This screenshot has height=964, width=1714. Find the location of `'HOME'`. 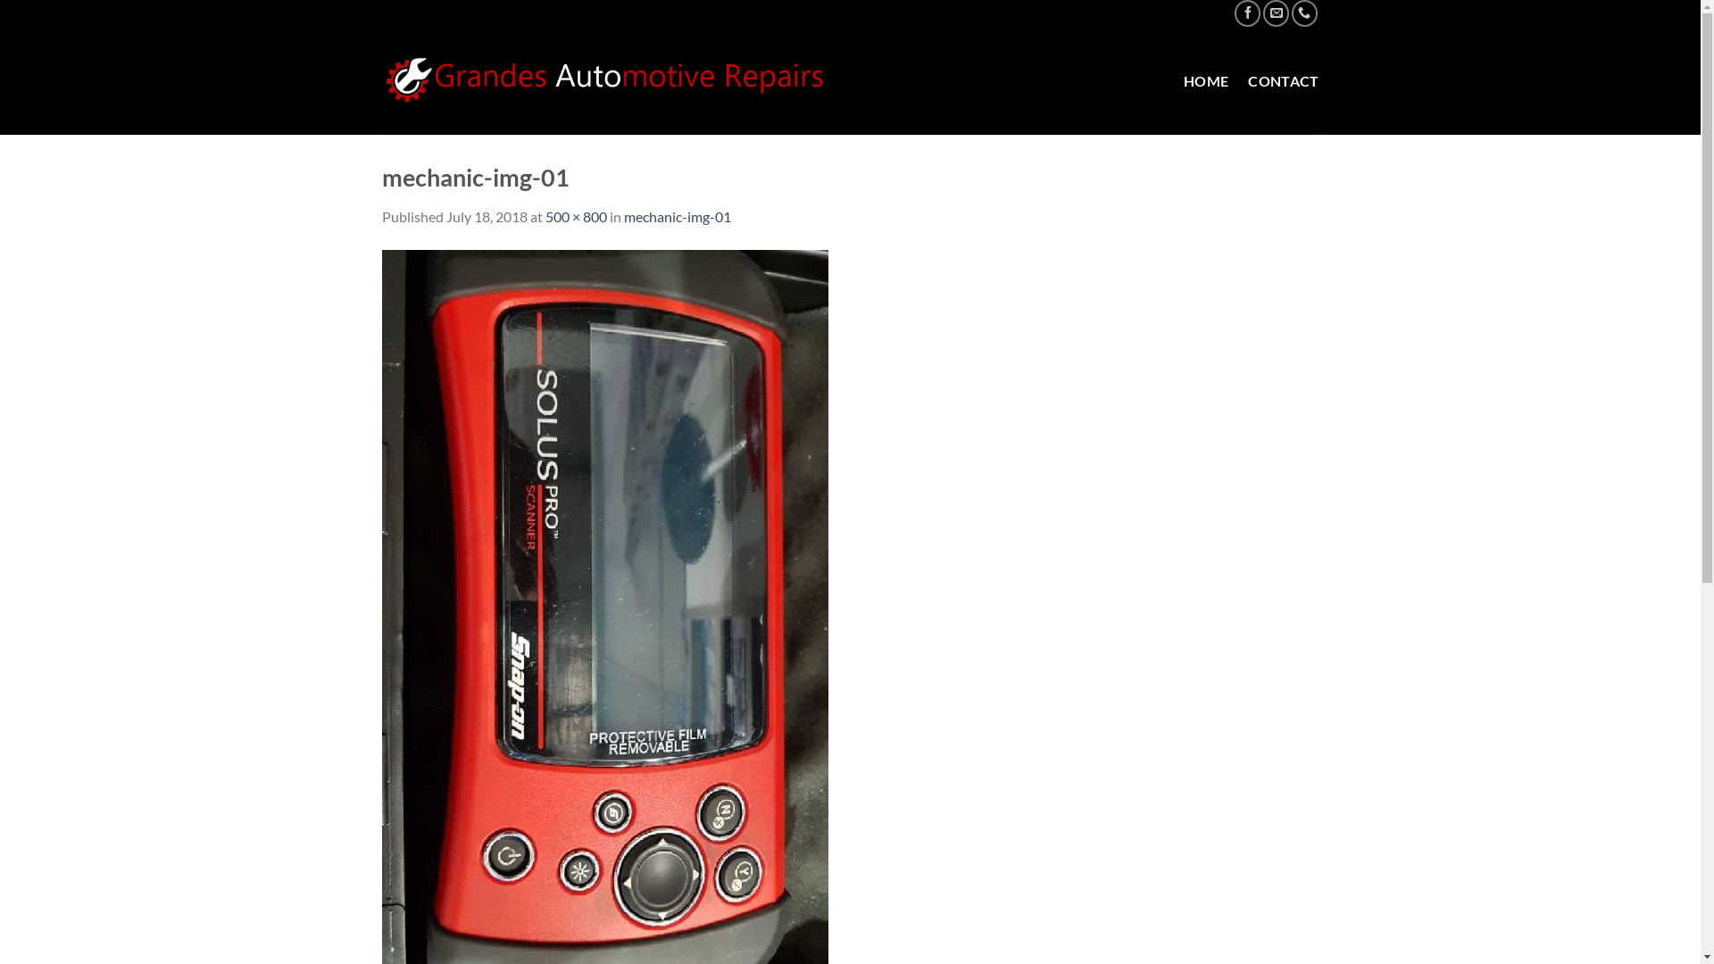

'HOME' is located at coordinates (1183, 81).